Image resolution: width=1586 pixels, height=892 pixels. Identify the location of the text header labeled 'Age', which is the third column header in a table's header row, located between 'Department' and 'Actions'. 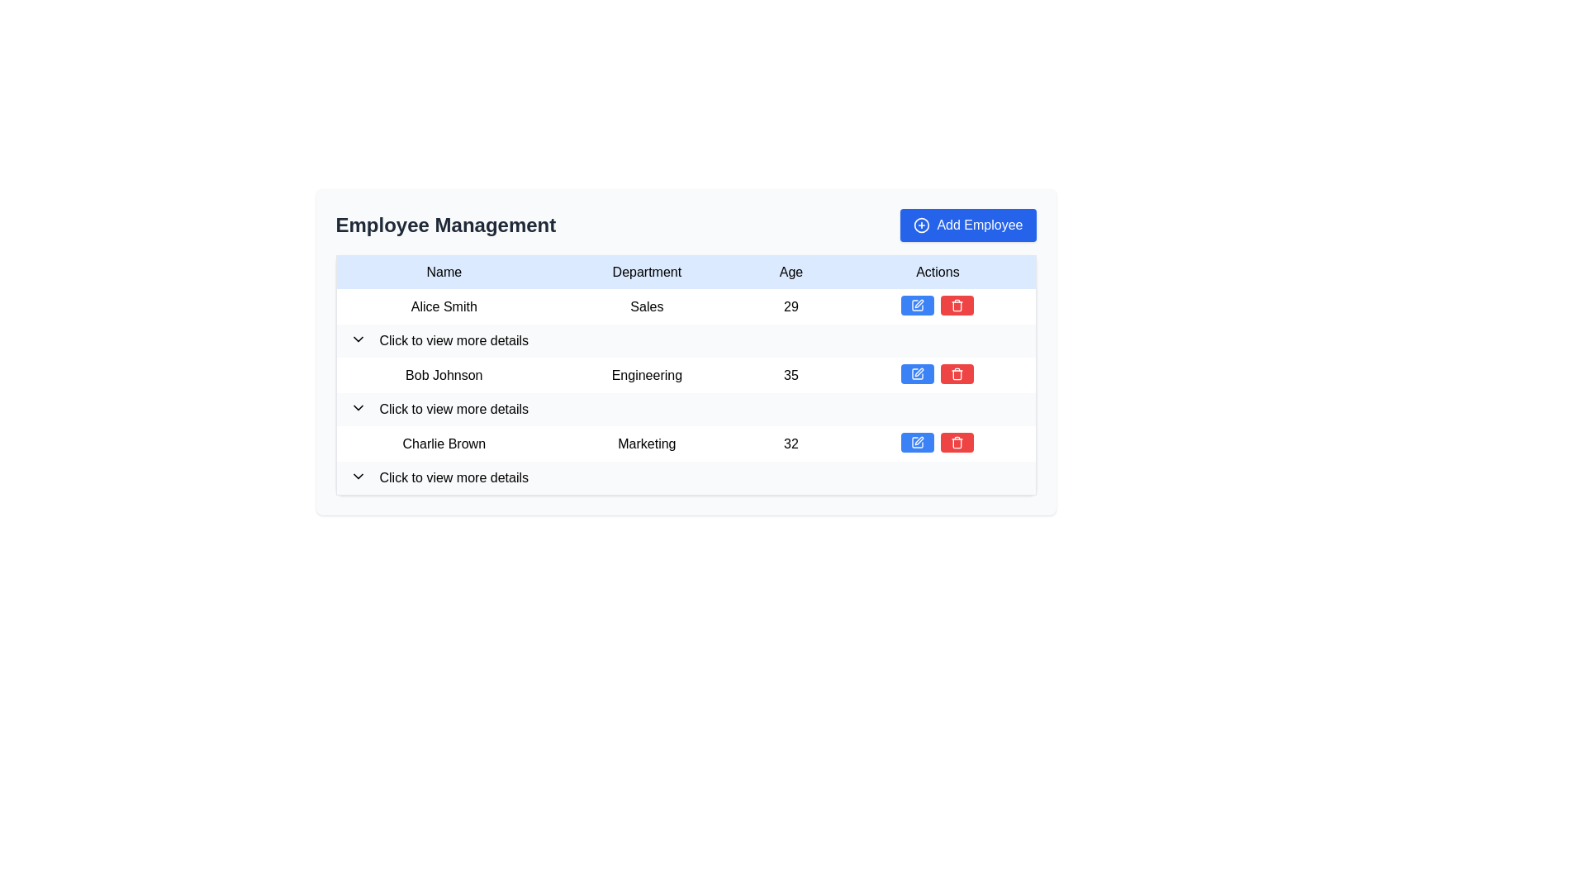
(791, 271).